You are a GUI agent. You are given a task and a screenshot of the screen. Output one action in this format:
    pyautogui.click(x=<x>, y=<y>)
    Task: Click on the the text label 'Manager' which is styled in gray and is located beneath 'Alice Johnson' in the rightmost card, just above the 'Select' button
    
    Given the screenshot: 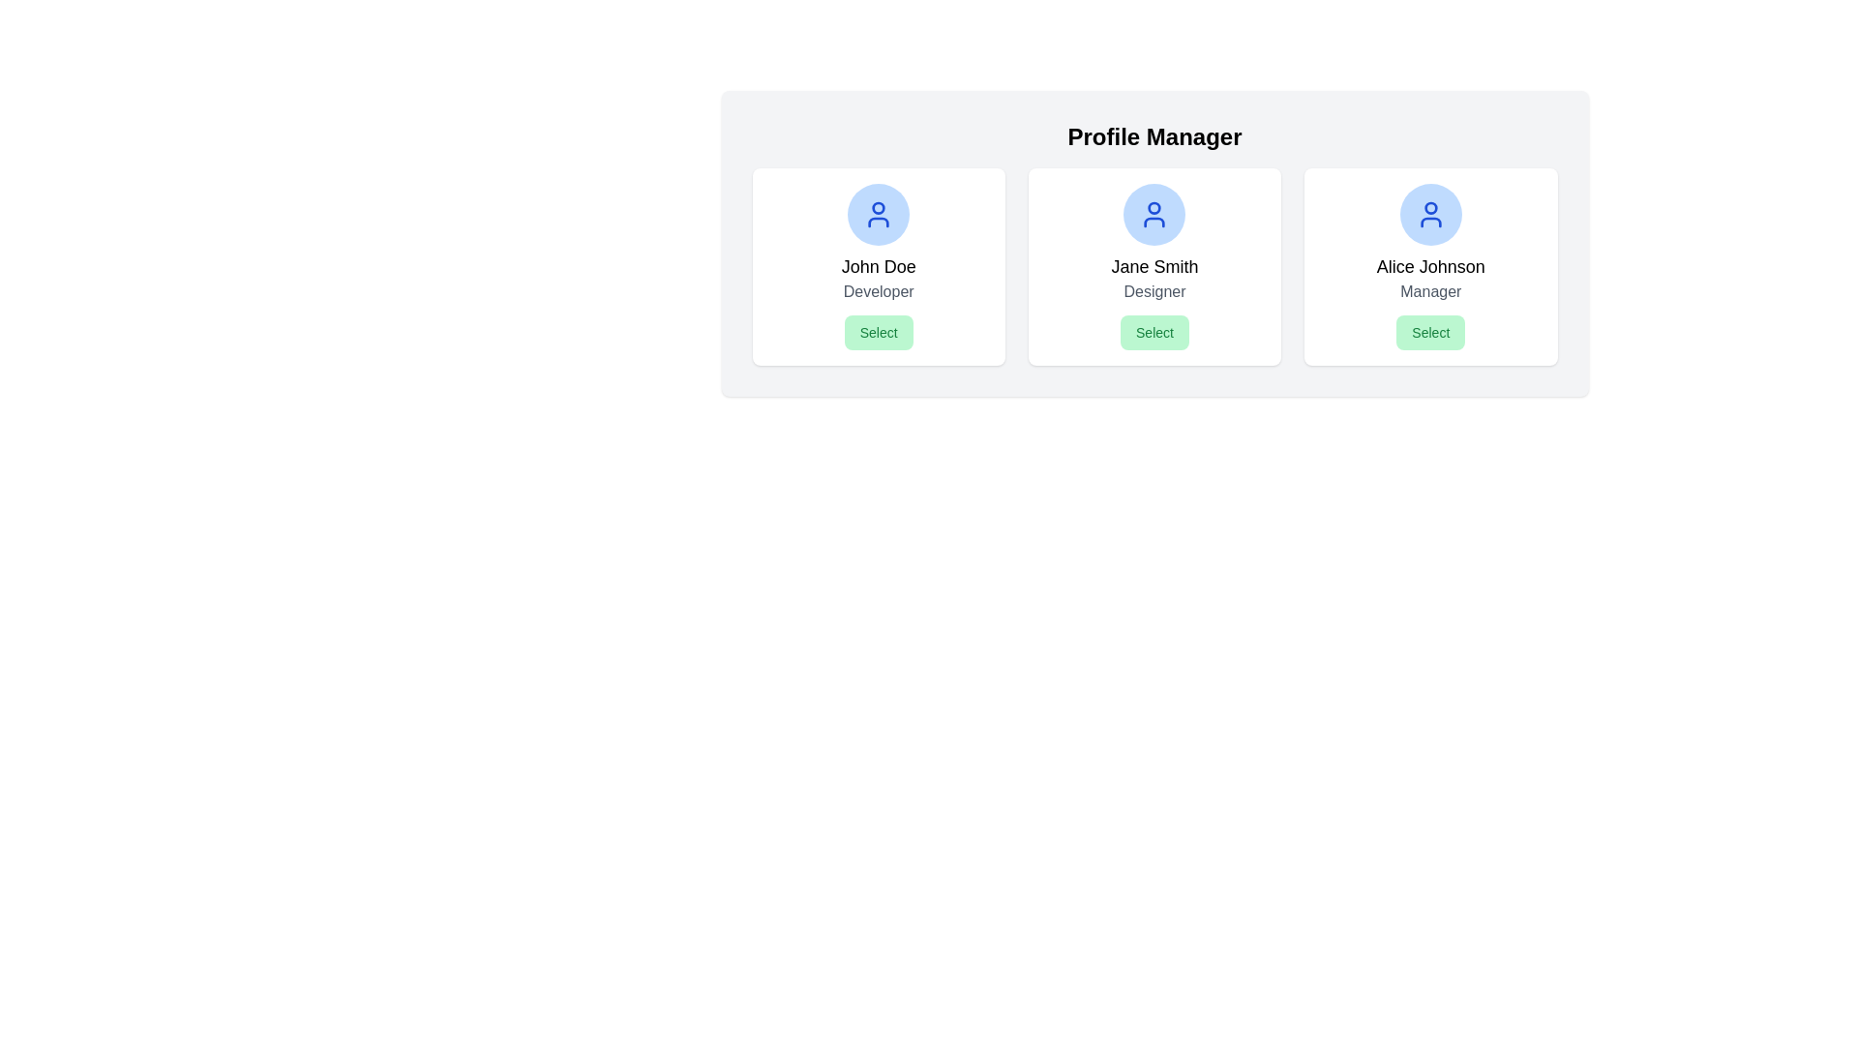 What is the action you would take?
    pyautogui.click(x=1430, y=291)
    